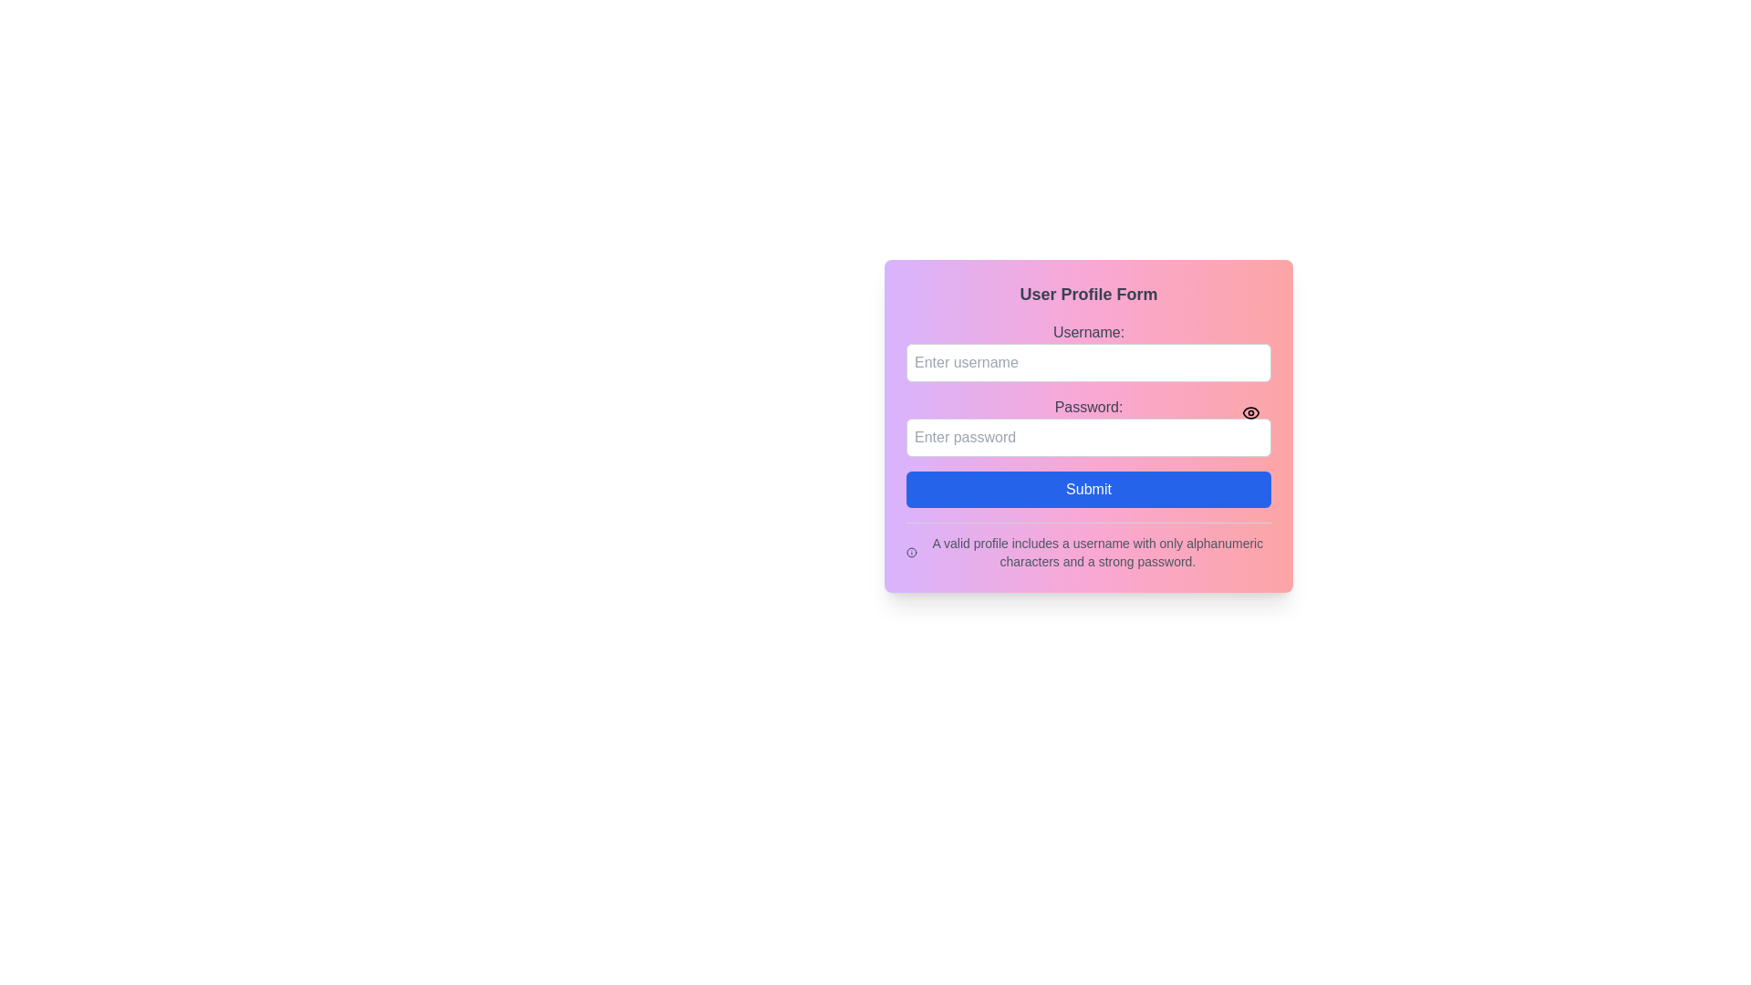  Describe the element at coordinates (1089, 407) in the screenshot. I see `the static text label that contains the text 'Password:' styled in gray, positioned above the password input field` at that location.